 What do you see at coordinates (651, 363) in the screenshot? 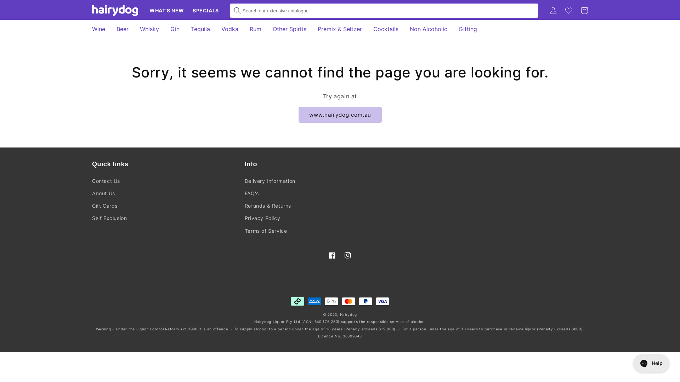
I see `'Gorgias live chat messenger'` at bounding box center [651, 363].